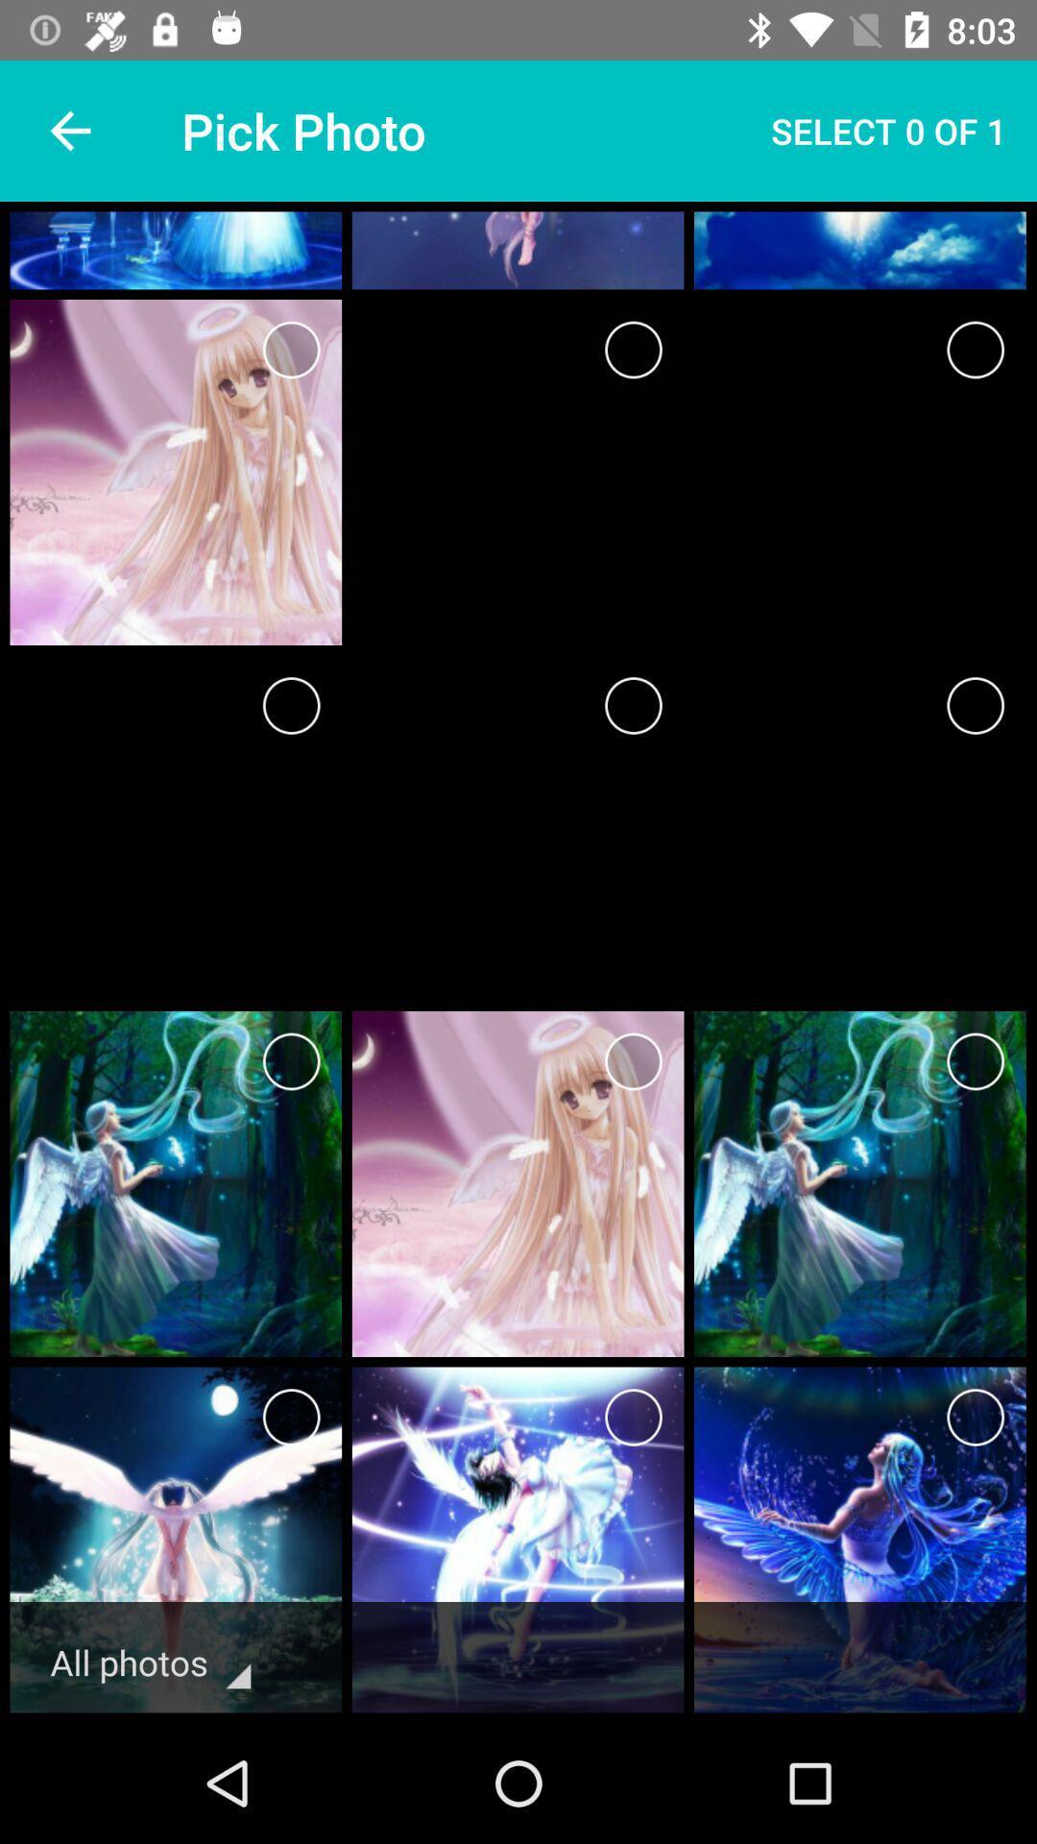 This screenshot has width=1037, height=1844. I want to click on choose the picture, so click(291, 704).